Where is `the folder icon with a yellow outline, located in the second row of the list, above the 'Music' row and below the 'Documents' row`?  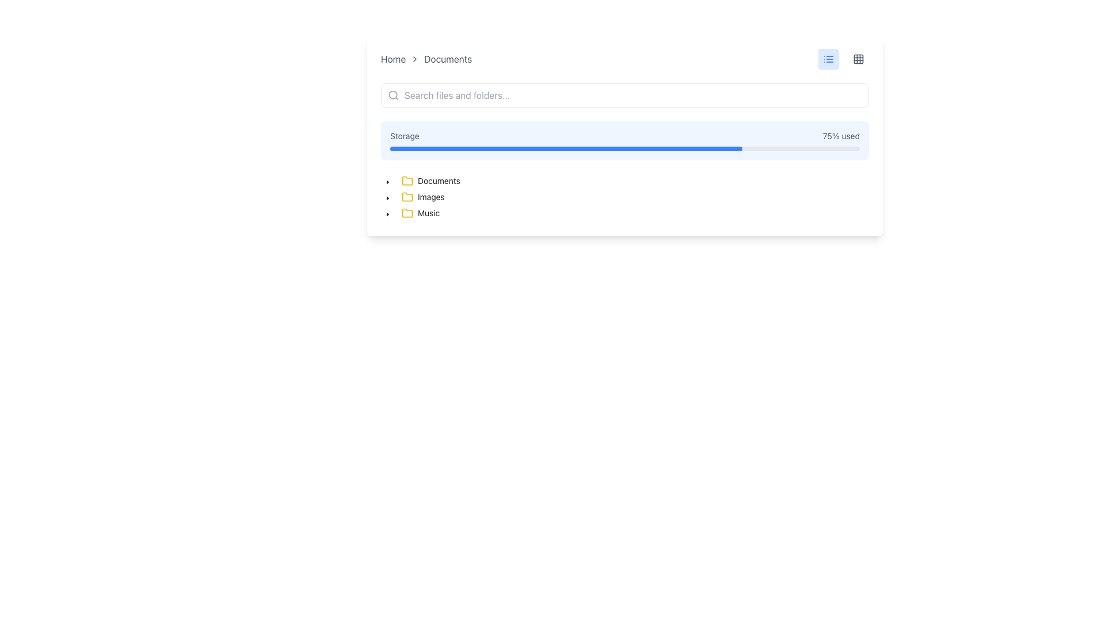
the folder icon with a yellow outline, located in the second row of the list, above the 'Music' row and below the 'Documents' row is located at coordinates (407, 197).